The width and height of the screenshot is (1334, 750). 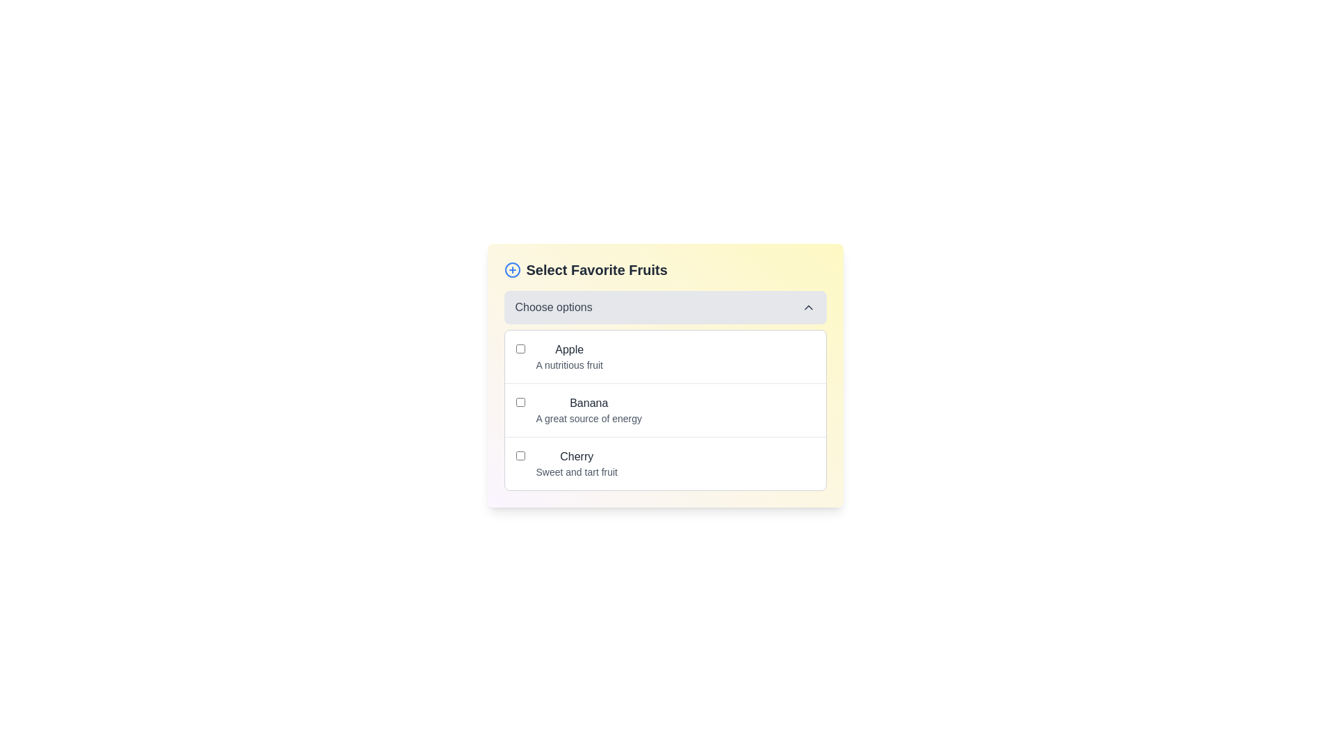 I want to click on the 'Cherry' text label in the dropdown menu that identifies the selection item, so click(x=577, y=457).